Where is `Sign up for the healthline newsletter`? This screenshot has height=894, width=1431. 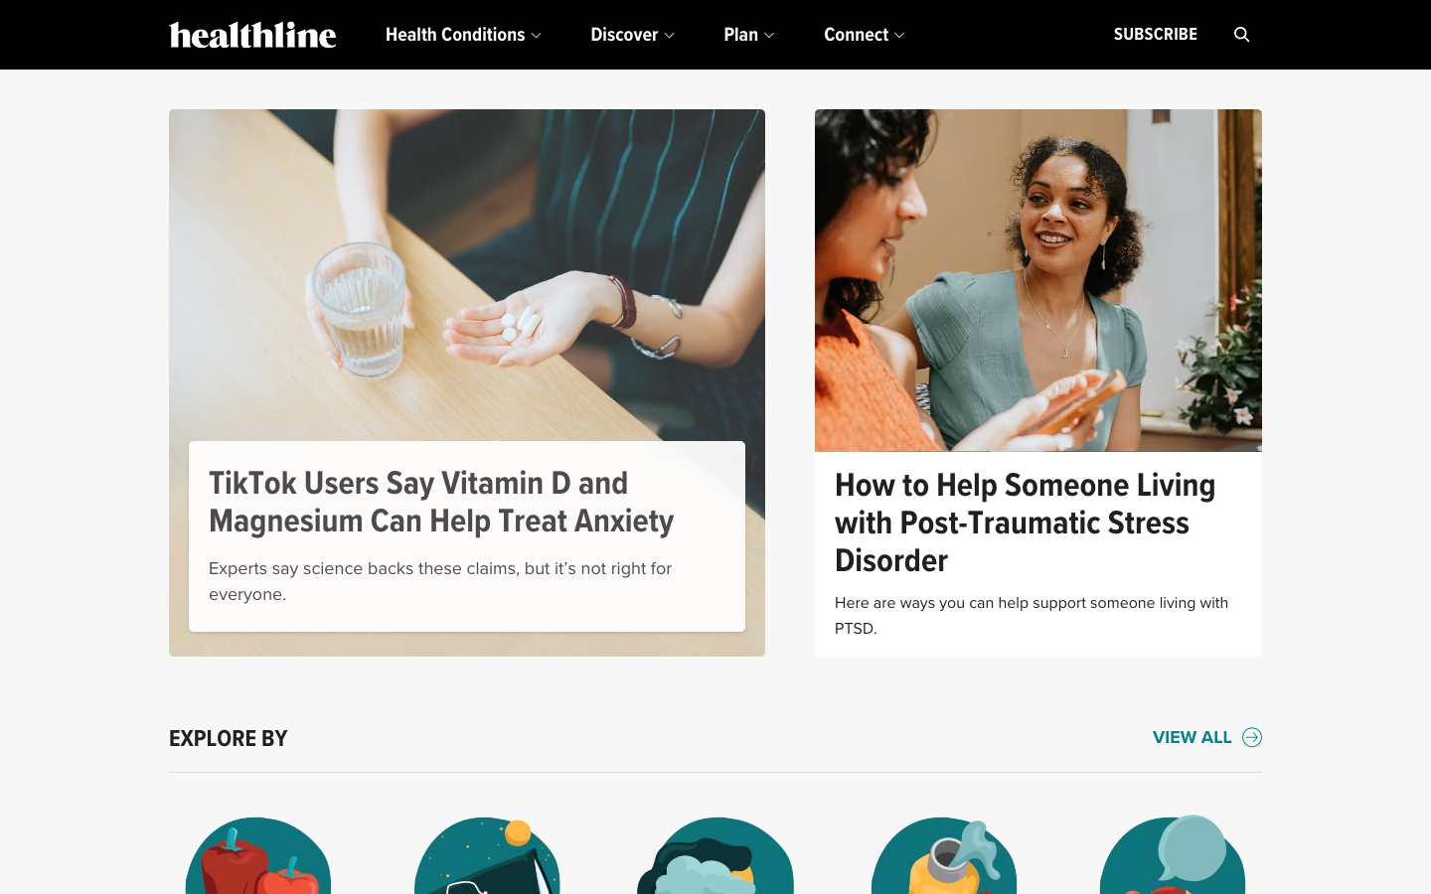 Sign up for the healthline newsletter is located at coordinates (1155, 34).